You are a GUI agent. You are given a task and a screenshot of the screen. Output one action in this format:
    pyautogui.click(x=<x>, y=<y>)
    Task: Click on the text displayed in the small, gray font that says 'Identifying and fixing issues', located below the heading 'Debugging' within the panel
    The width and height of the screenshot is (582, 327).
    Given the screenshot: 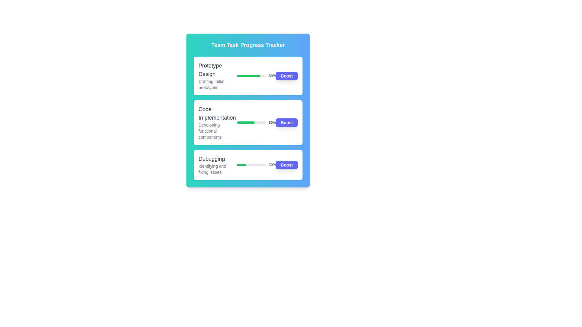 What is the action you would take?
    pyautogui.click(x=218, y=169)
    